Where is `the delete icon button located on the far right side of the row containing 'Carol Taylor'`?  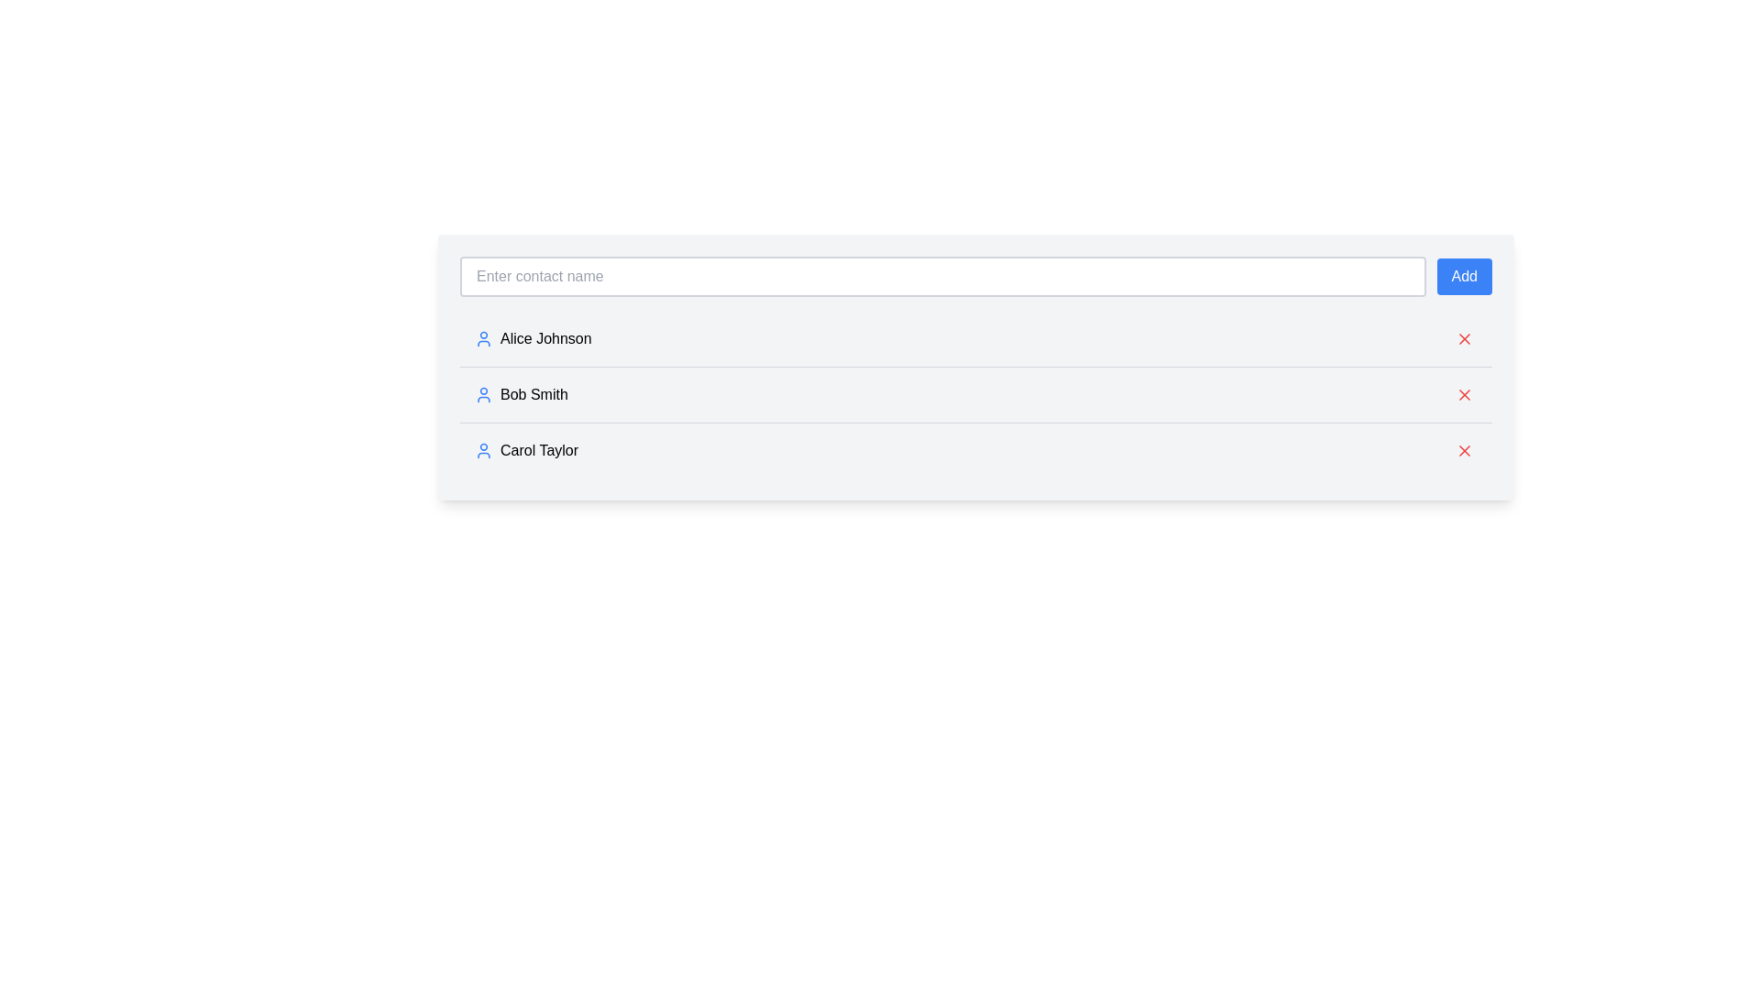 the delete icon button located on the far right side of the row containing 'Carol Taylor' is located at coordinates (1464, 451).